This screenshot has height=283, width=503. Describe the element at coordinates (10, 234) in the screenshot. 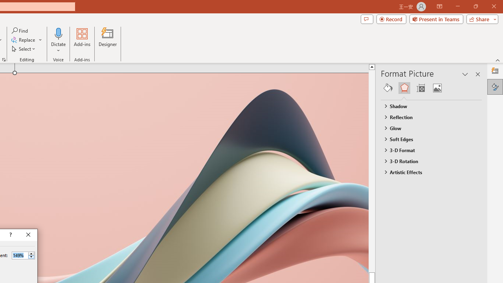

I see `'Context help'` at that location.